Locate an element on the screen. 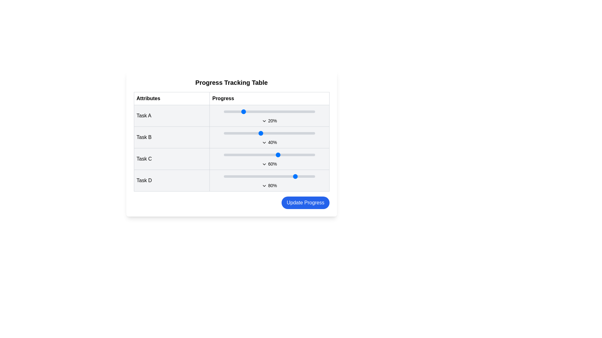 Image resolution: width=602 pixels, height=338 pixels. progress is located at coordinates (266, 133).